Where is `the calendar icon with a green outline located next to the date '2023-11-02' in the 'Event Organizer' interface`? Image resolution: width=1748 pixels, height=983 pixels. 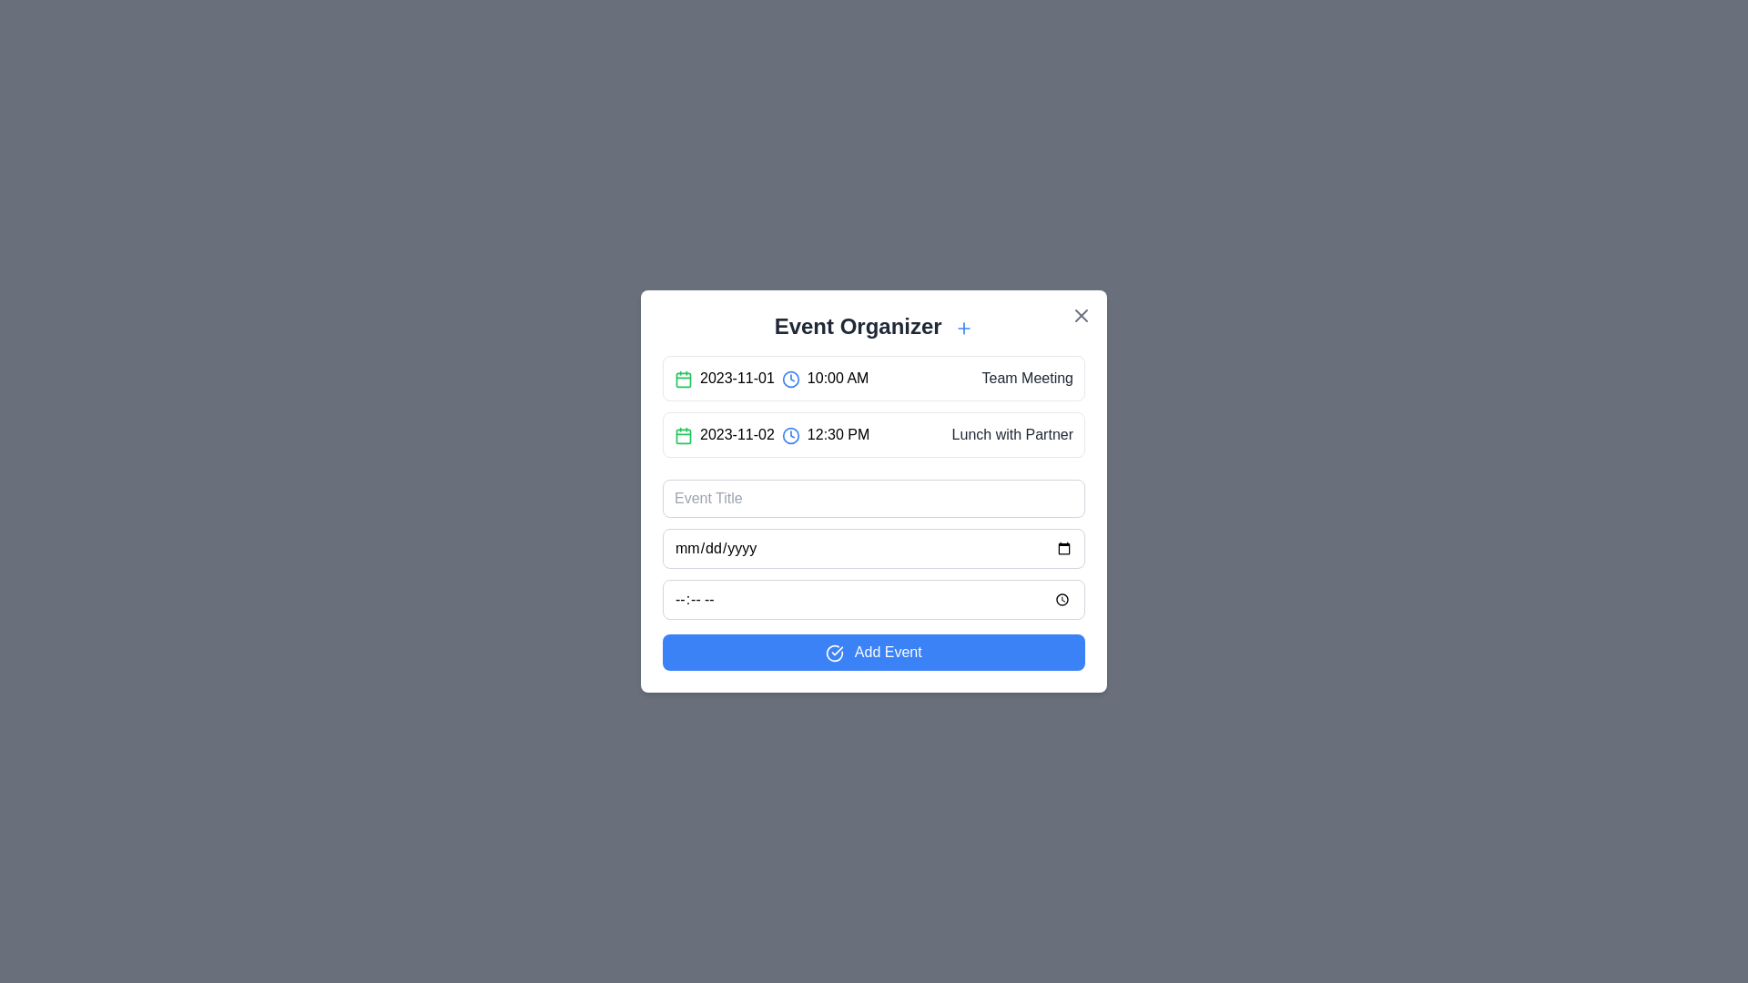
the calendar icon with a green outline located next to the date '2023-11-02' in the 'Event Organizer' interface is located at coordinates (682, 435).